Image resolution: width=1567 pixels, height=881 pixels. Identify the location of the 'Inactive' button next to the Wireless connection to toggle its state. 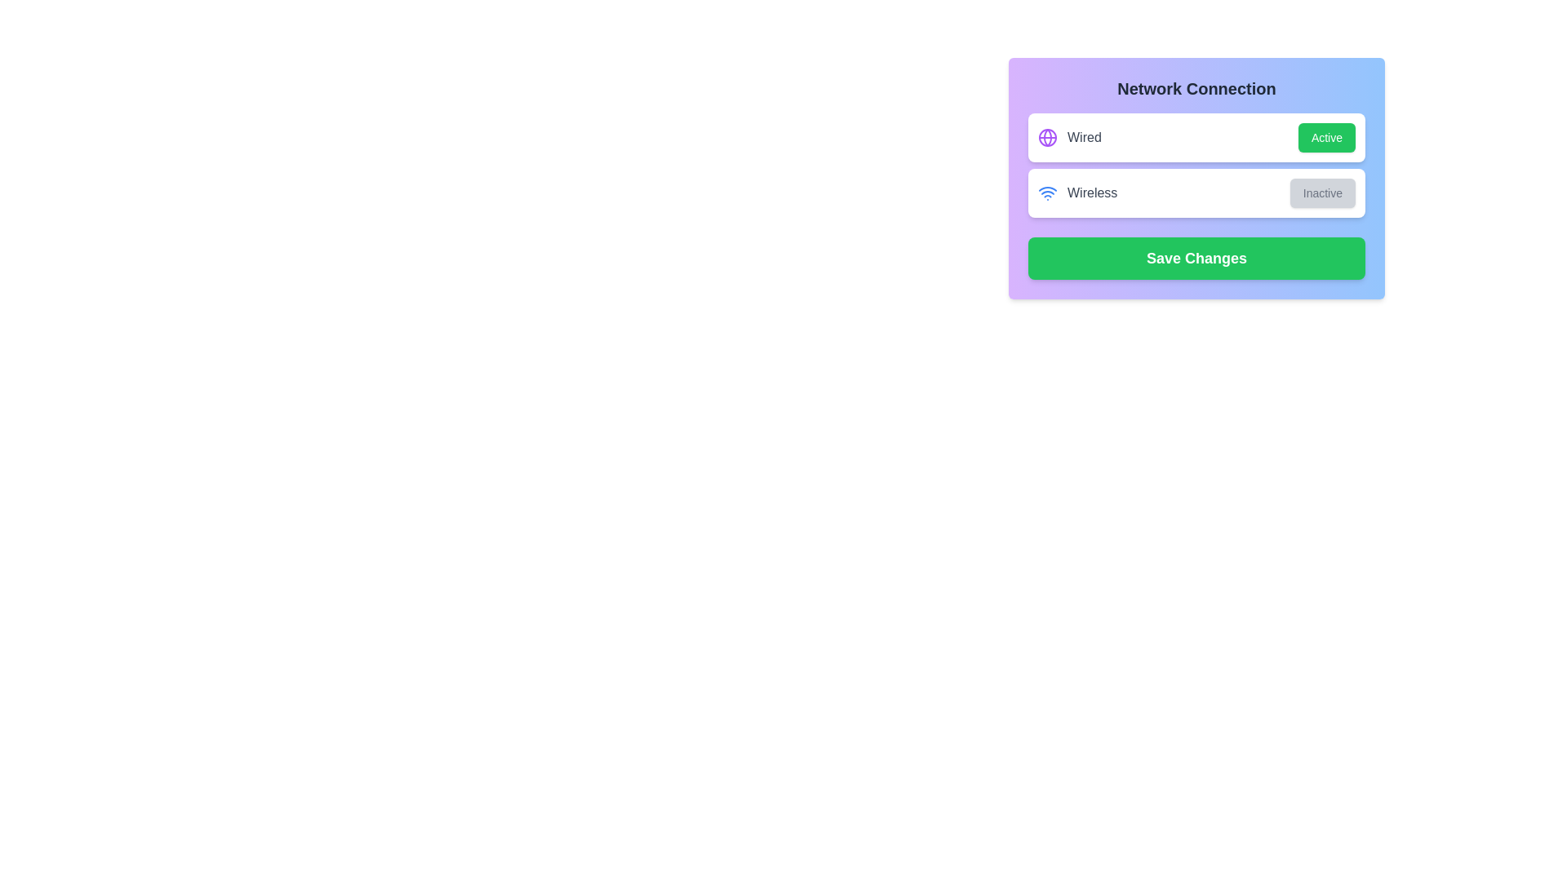
(1322, 192).